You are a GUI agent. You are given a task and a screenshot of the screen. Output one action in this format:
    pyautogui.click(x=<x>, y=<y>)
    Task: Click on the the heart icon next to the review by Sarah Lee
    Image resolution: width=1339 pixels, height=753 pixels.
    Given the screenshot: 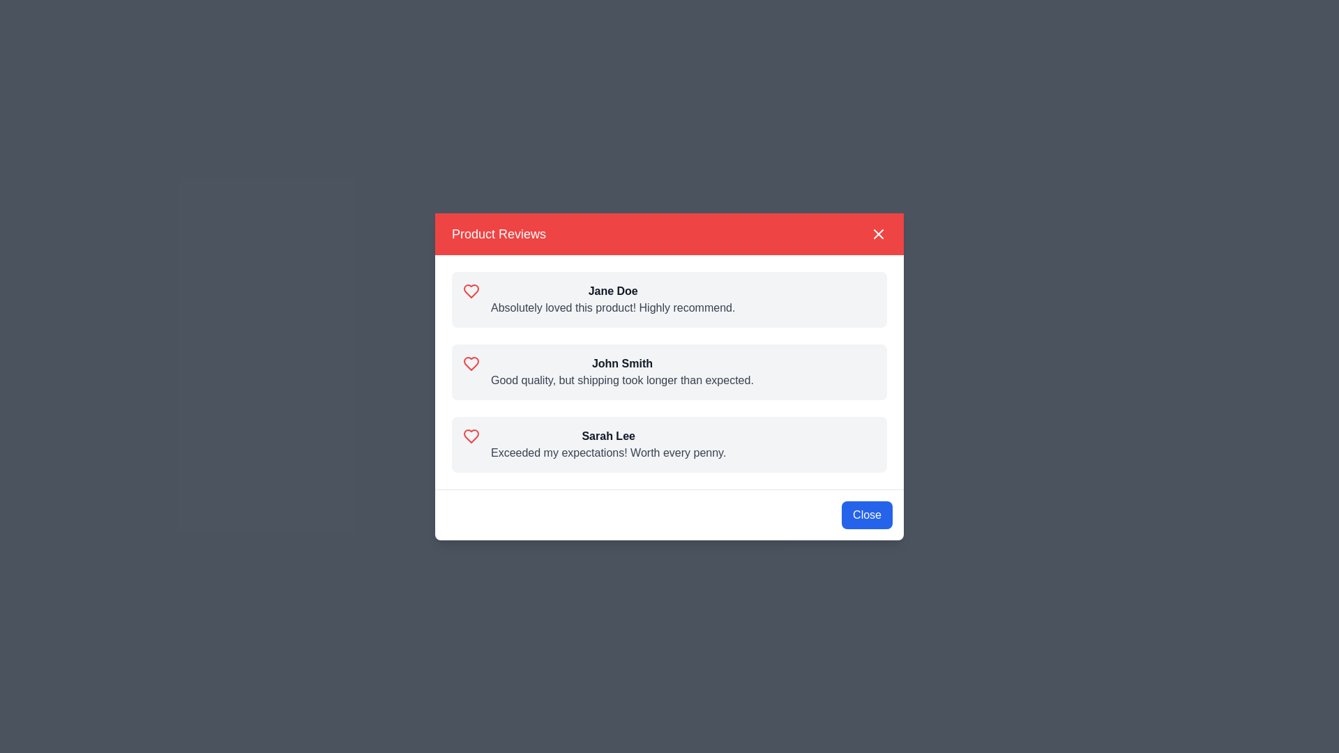 What is the action you would take?
    pyautogui.click(x=471, y=435)
    